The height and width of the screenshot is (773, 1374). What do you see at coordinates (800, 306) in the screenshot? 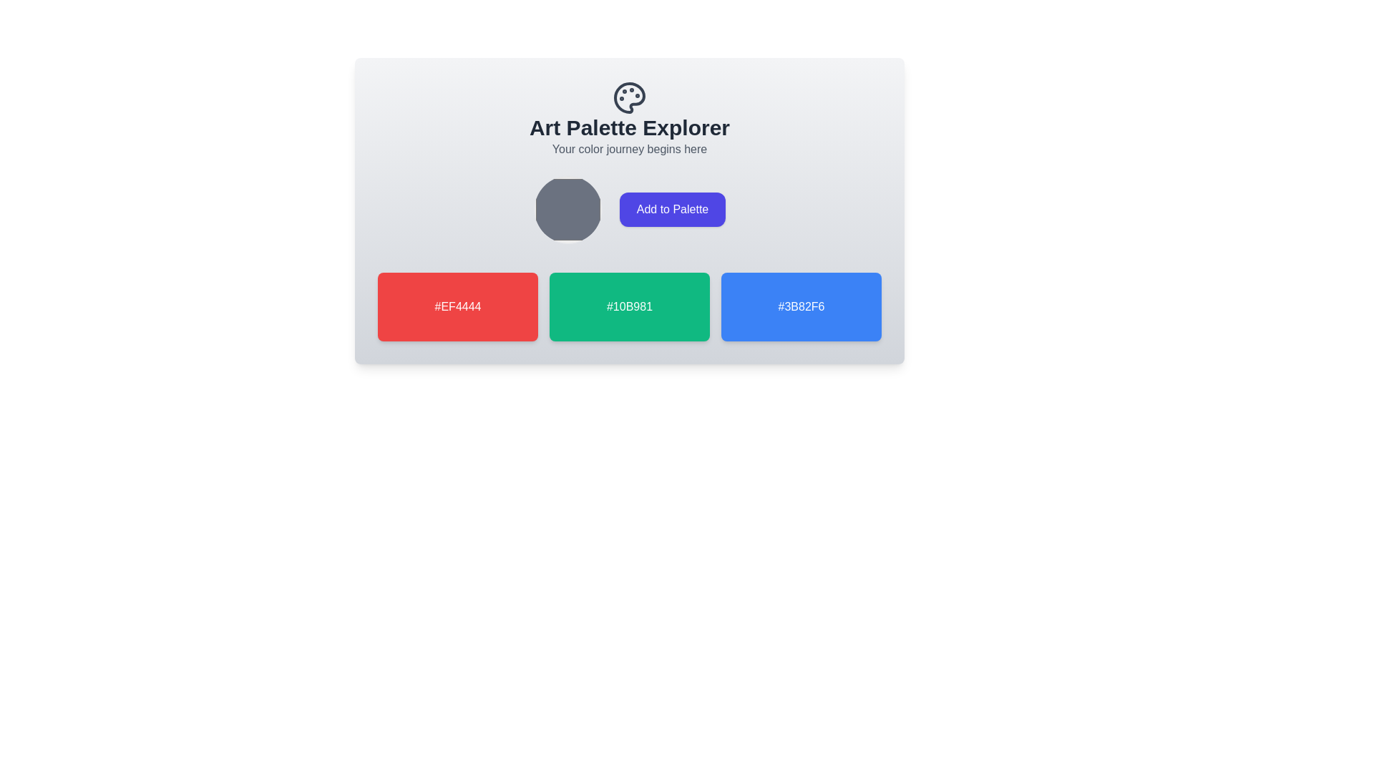
I see `the text label displaying the color code '#3B82F6', which is styled with white text and placed centrally against a light blue background, located in the rightmost position of a row beneath the title 'Art Palette Explorer' and the button labeled 'Add to Palette'` at bounding box center [800, 306].